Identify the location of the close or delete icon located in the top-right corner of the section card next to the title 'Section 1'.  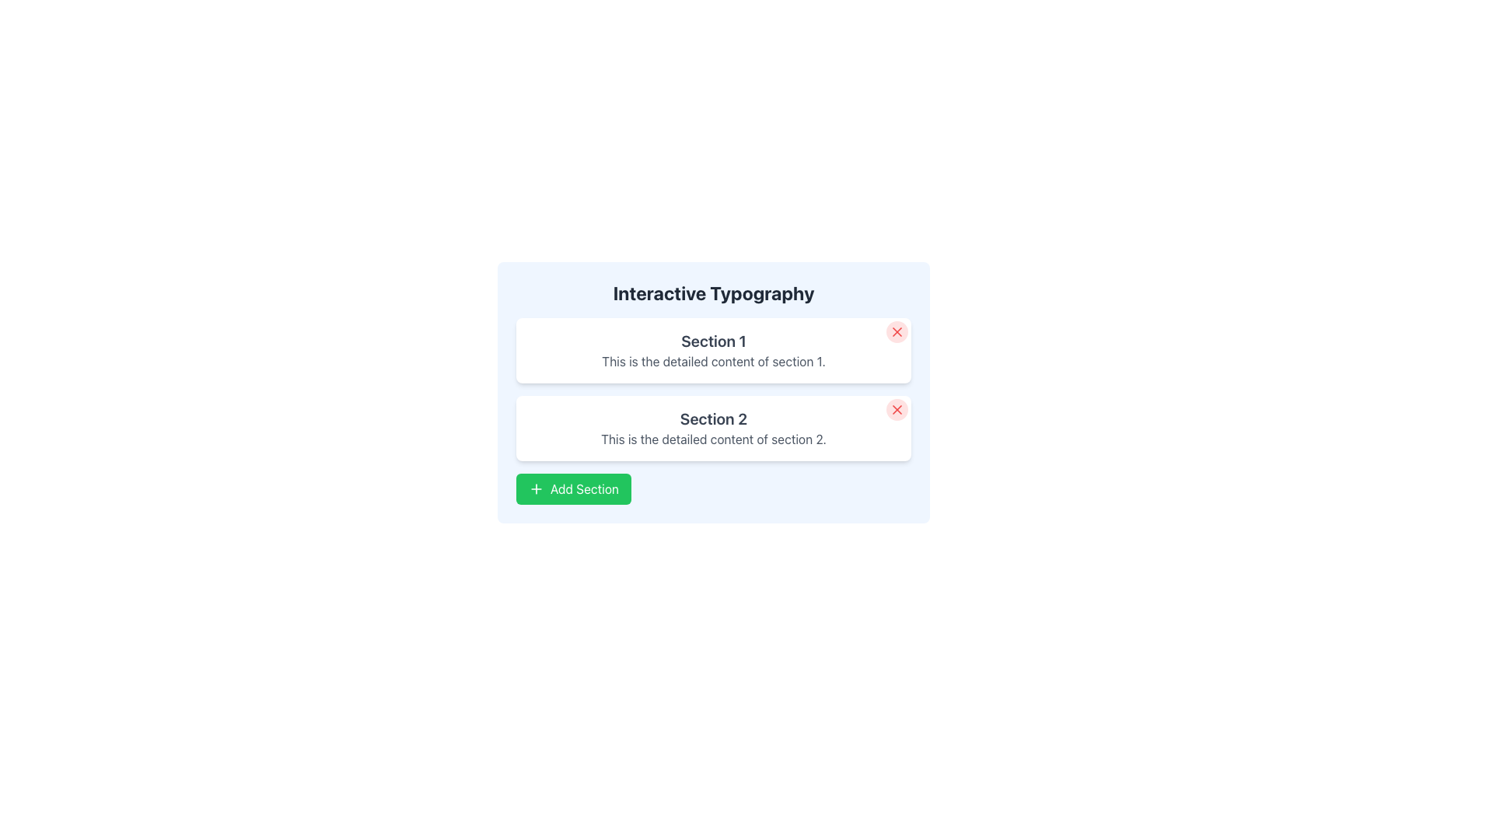
(897, 331).